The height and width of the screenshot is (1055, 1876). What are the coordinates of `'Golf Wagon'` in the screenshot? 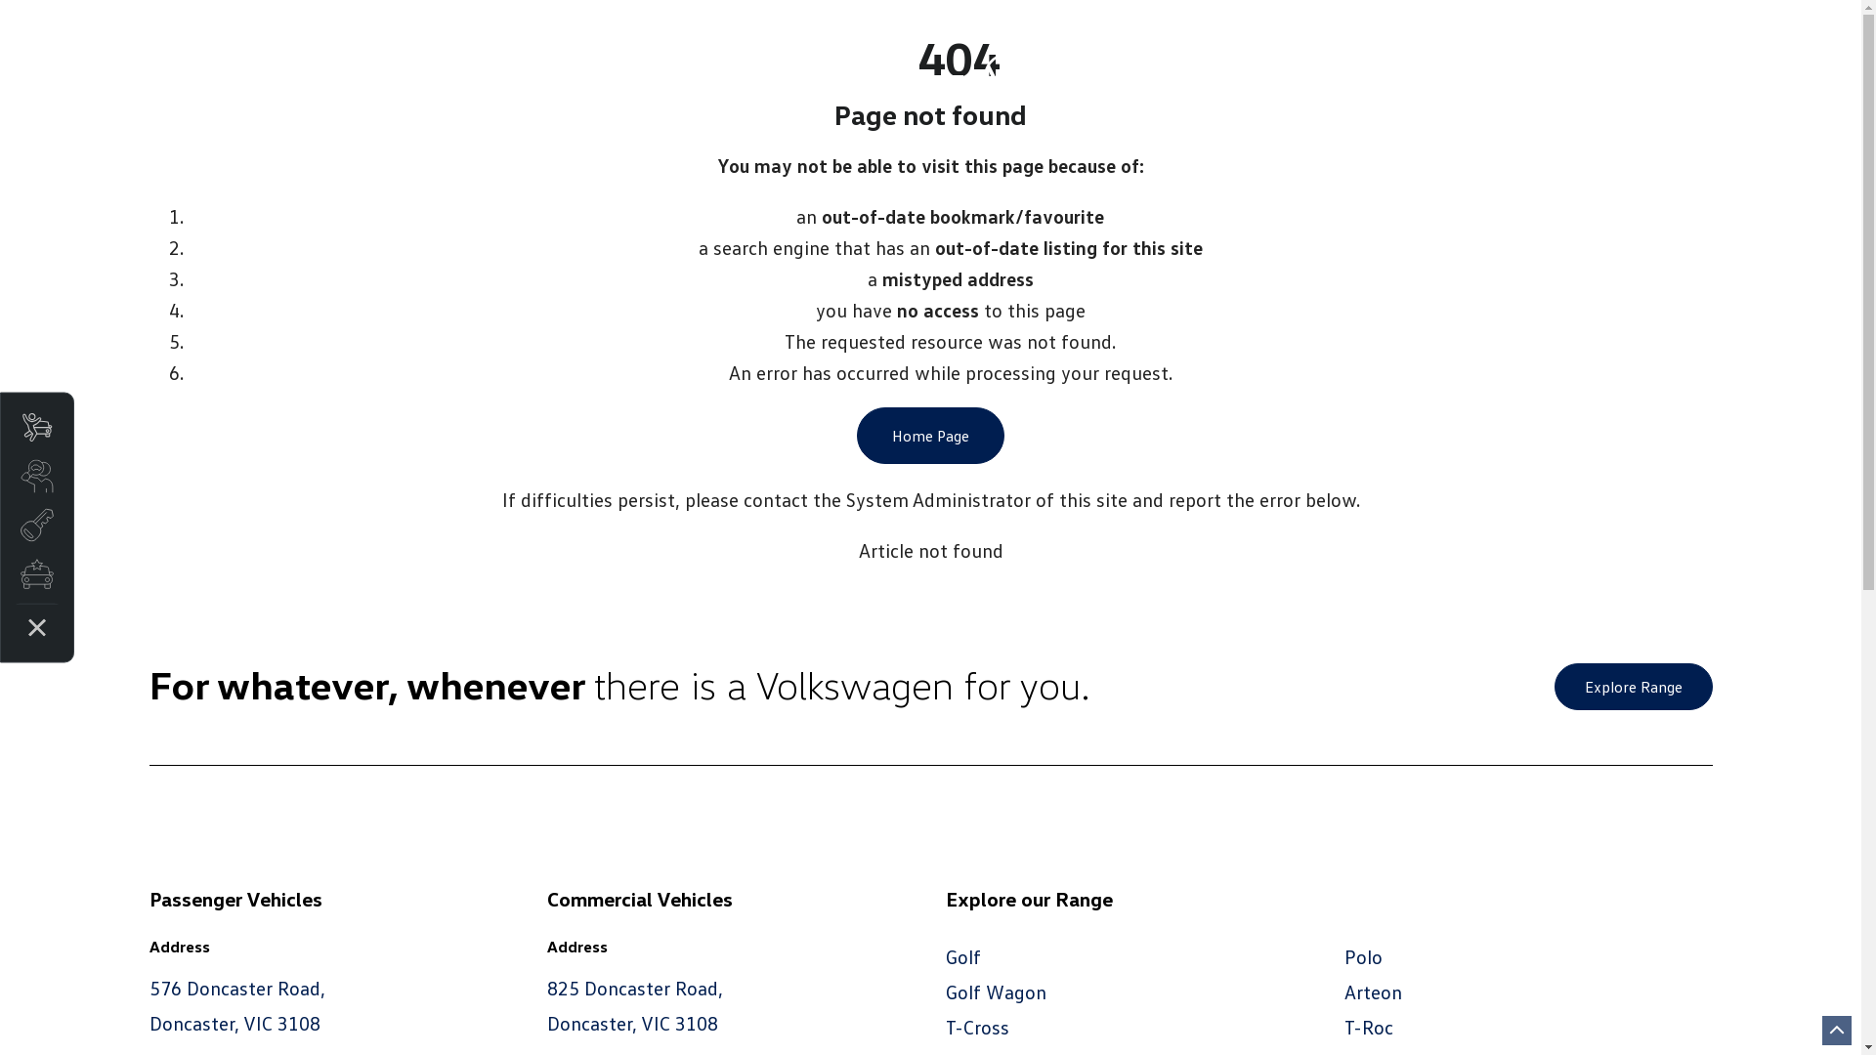 It's located at (996, 991).